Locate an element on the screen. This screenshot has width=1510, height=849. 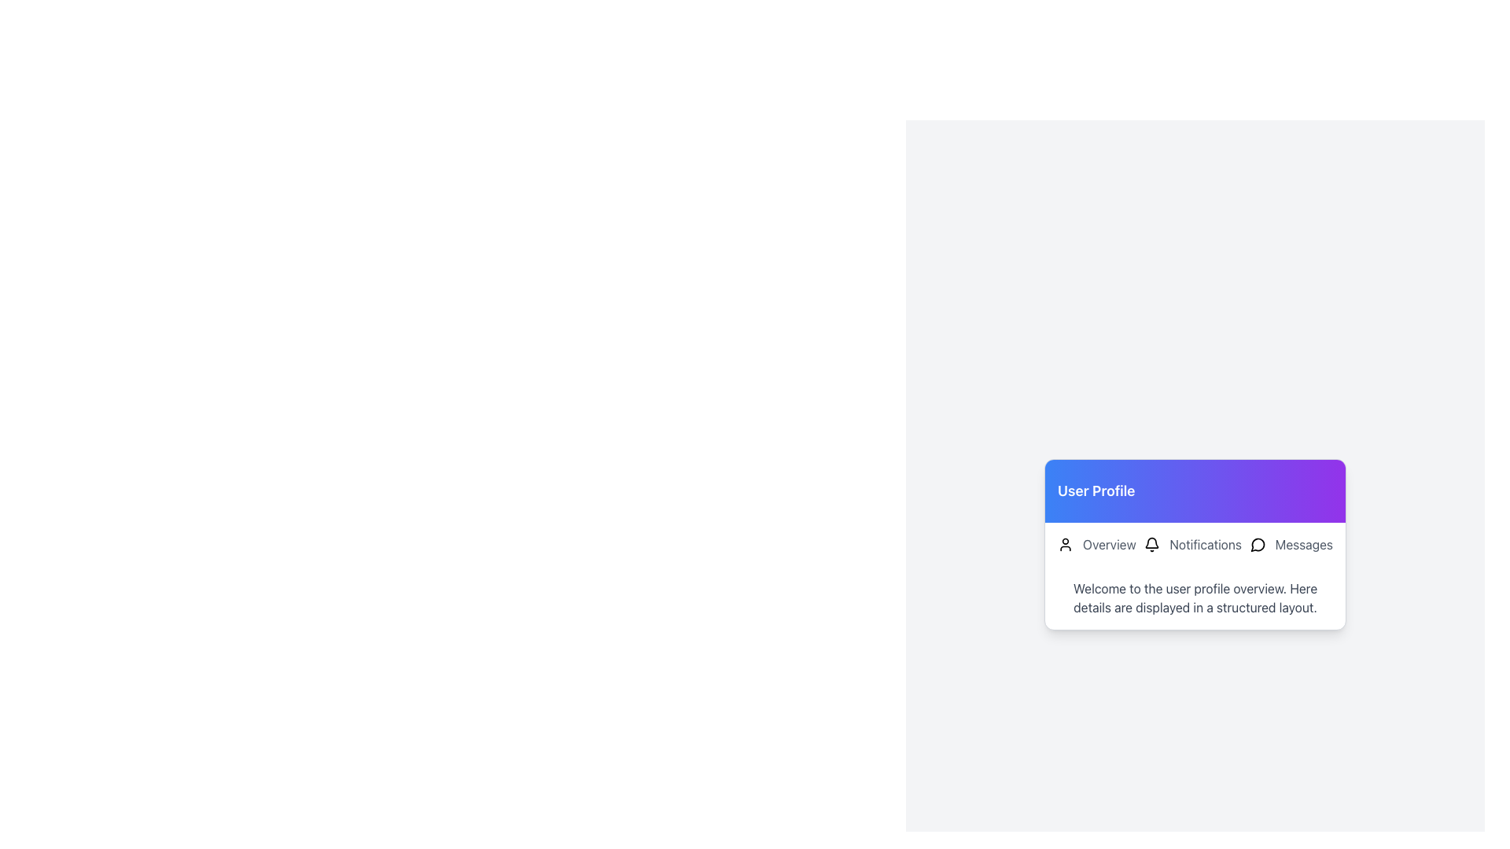
'User Profile' text label, which is styled with a white bold font and located in the upper central section of the interface against a gradient background is located at coordinates (1096, 490).